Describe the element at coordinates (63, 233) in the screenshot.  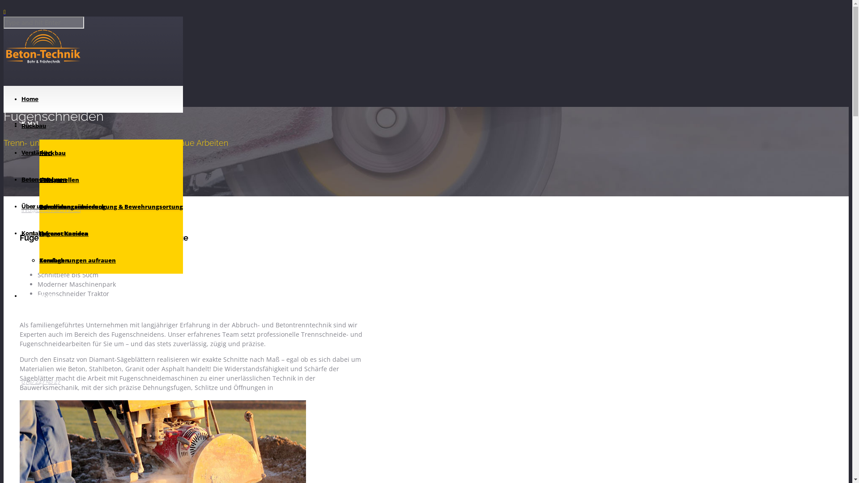
I see `'Infrarot Kamera'` at that location.